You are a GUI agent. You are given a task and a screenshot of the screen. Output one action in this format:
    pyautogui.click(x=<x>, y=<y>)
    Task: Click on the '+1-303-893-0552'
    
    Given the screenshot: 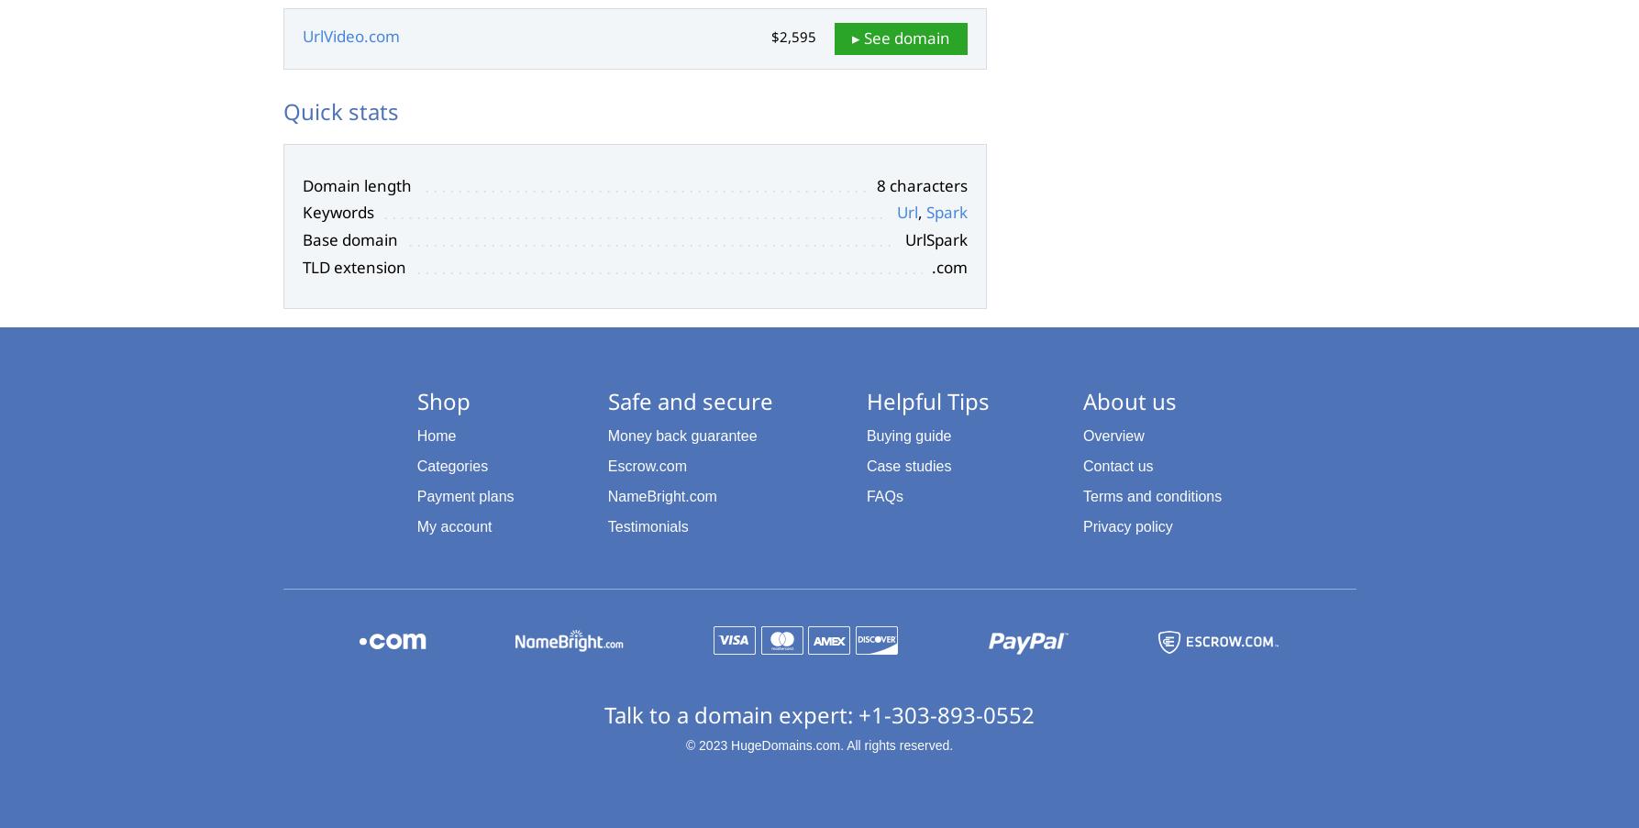 What is the action you would take?
    pyautogui.click(x=945, y=713)
    